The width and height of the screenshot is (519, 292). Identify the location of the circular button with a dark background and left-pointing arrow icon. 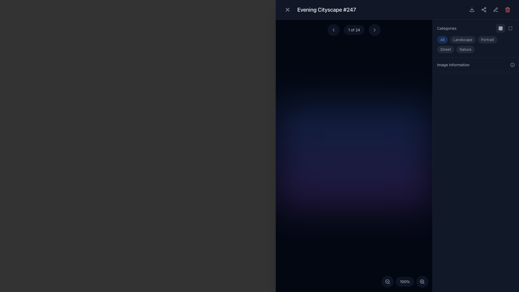
(333, 30).